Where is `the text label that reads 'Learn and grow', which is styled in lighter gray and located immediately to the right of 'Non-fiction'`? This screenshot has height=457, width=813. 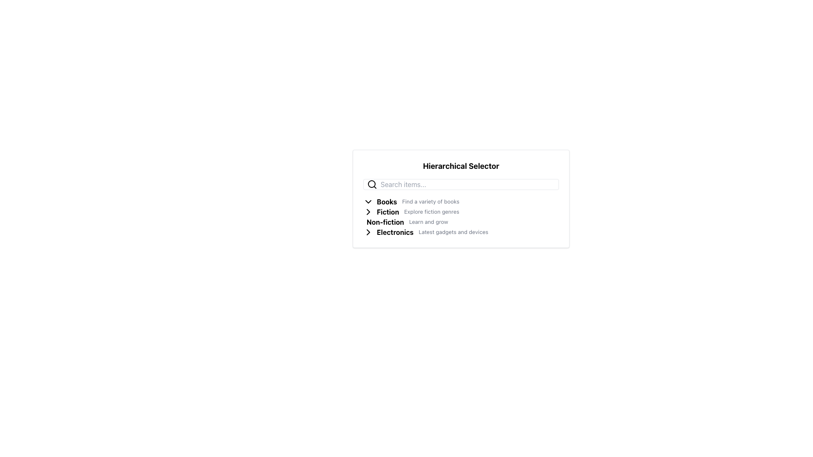
the text label that reads 'Learn and grow', which is styled in lighter gray and located immediately to the right of 'Non-fiction' is located at coordinates (429, 221).